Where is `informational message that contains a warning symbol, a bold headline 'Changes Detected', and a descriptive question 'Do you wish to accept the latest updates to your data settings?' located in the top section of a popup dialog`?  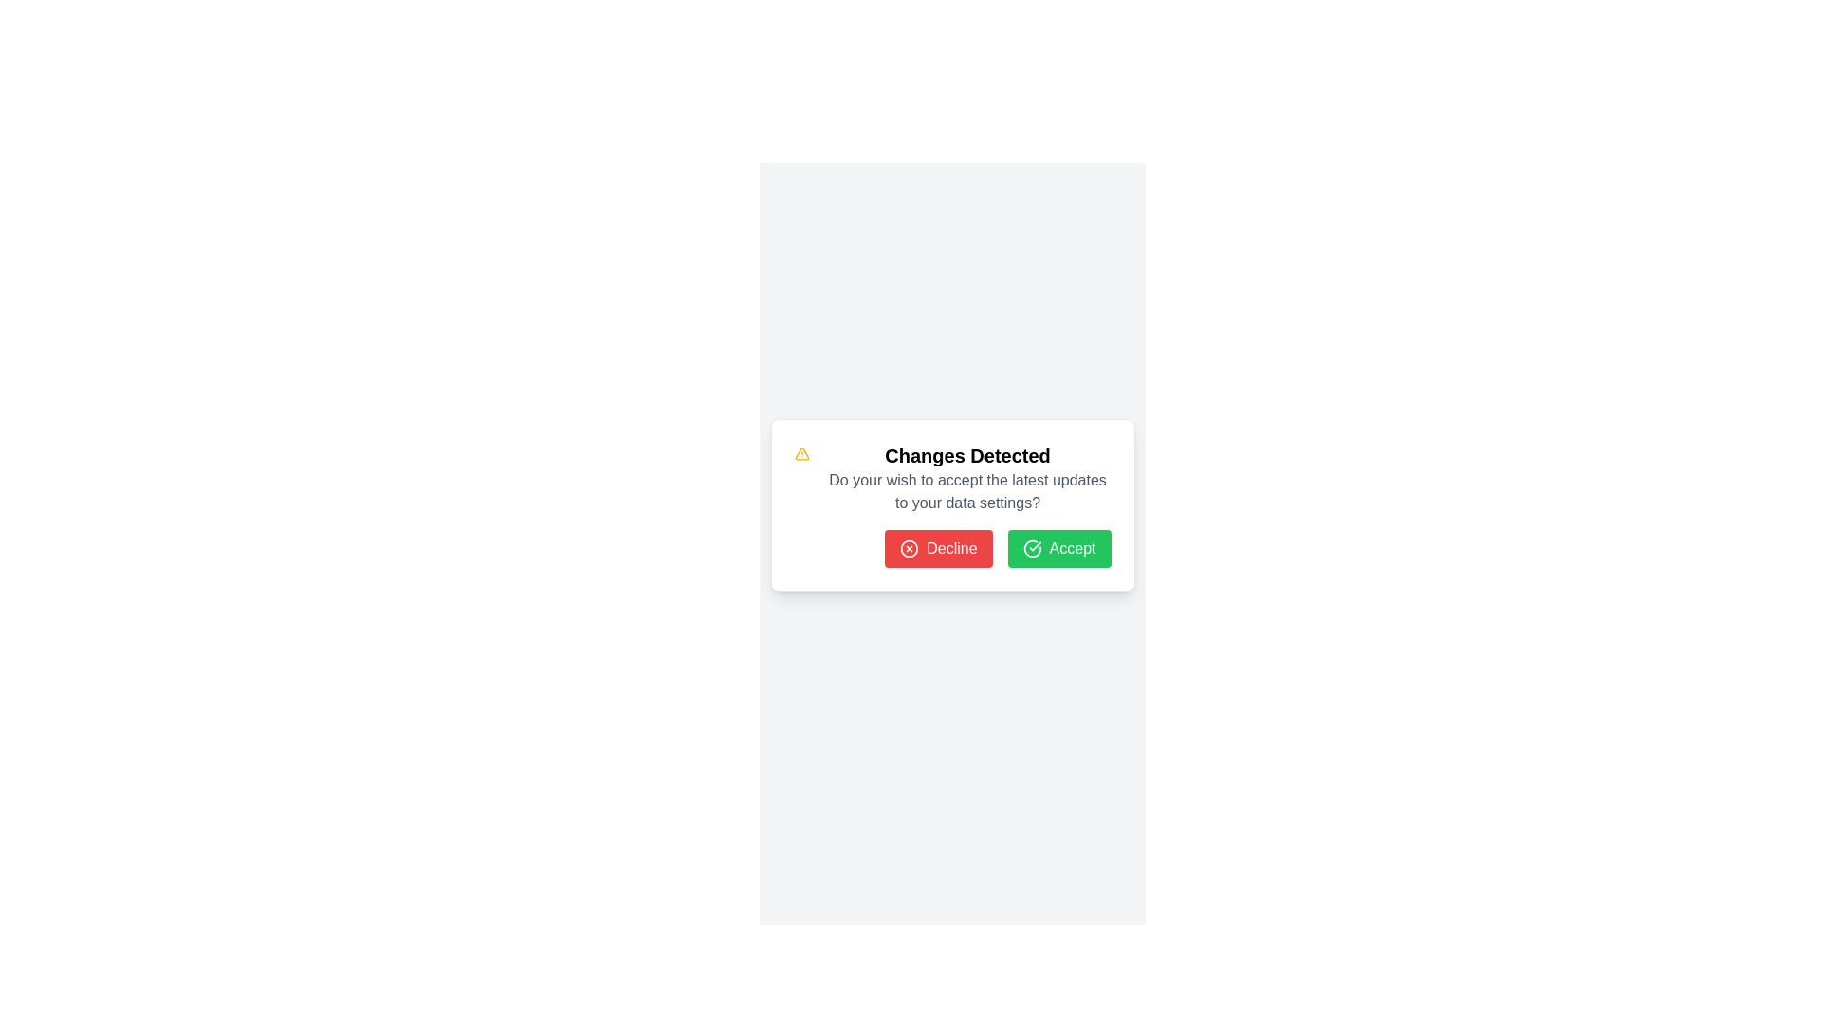 informational message that contains a warning symbol, a bold headline 'Changes Detected', and a descriptive question 'Do you wish to accept the latest updates to your data settings?' located in the top section of a popup dialog is located at coordinates (952, 478).